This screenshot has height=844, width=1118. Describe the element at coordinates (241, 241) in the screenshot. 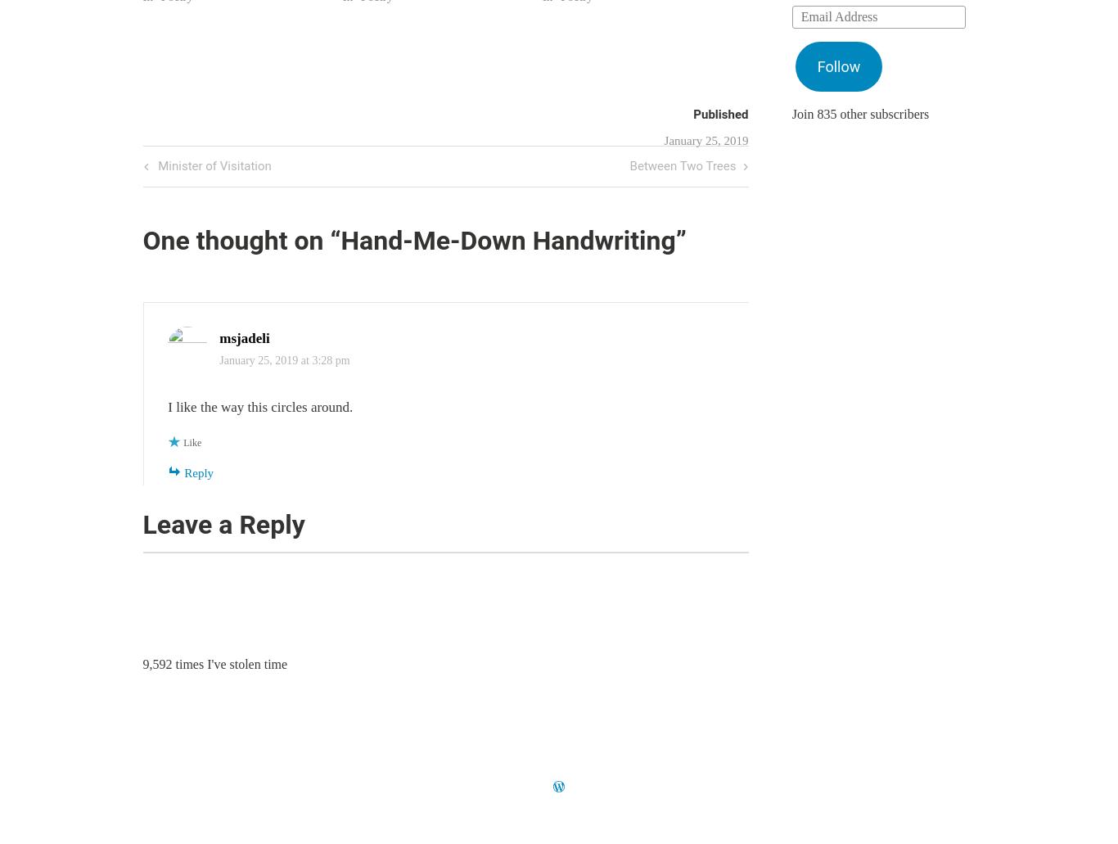

I see `'One thought on “'` at that location.